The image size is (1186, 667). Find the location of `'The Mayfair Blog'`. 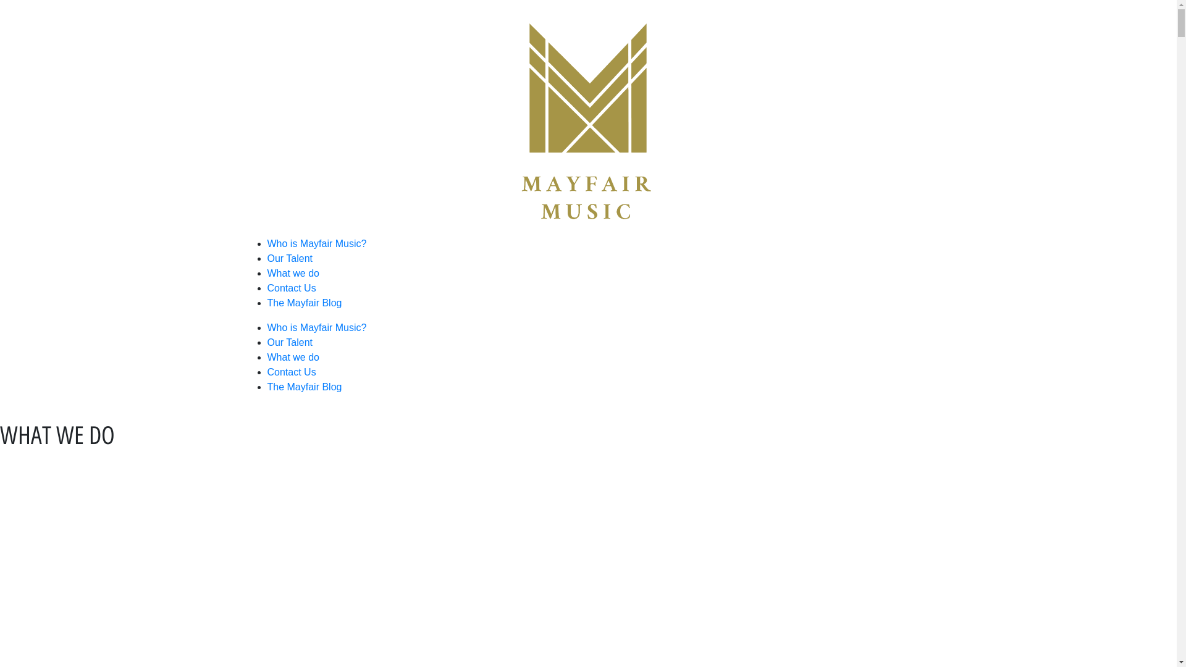

'The Mayfair Blog' is located at coordinates (304, 386).